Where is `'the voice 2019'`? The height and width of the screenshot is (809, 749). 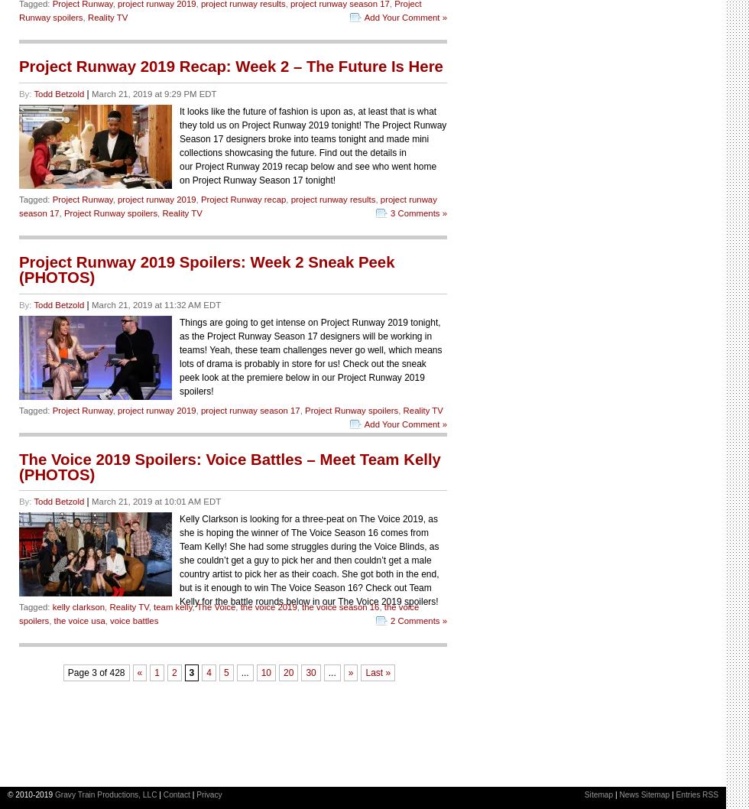 'the voice 2019' is located at coordinates (239, 607).